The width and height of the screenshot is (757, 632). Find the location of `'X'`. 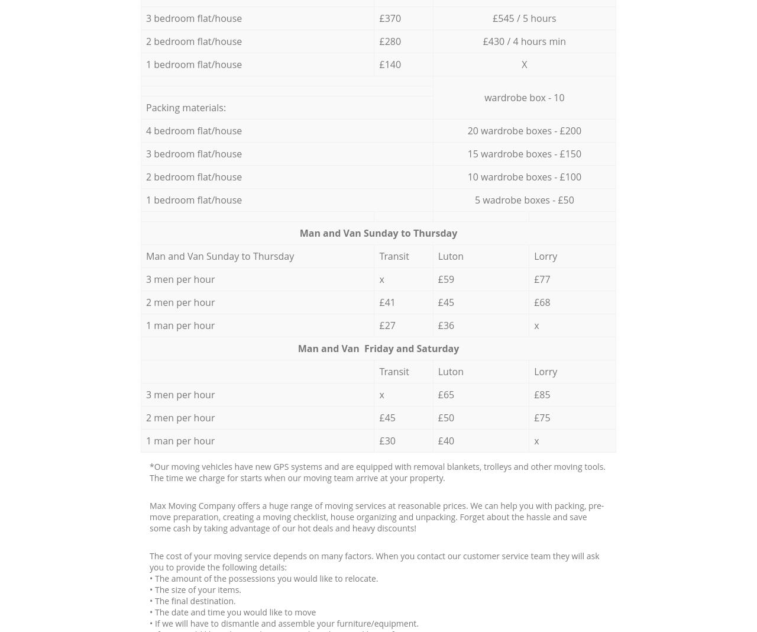

'X' is located at coordinates (523, 63).